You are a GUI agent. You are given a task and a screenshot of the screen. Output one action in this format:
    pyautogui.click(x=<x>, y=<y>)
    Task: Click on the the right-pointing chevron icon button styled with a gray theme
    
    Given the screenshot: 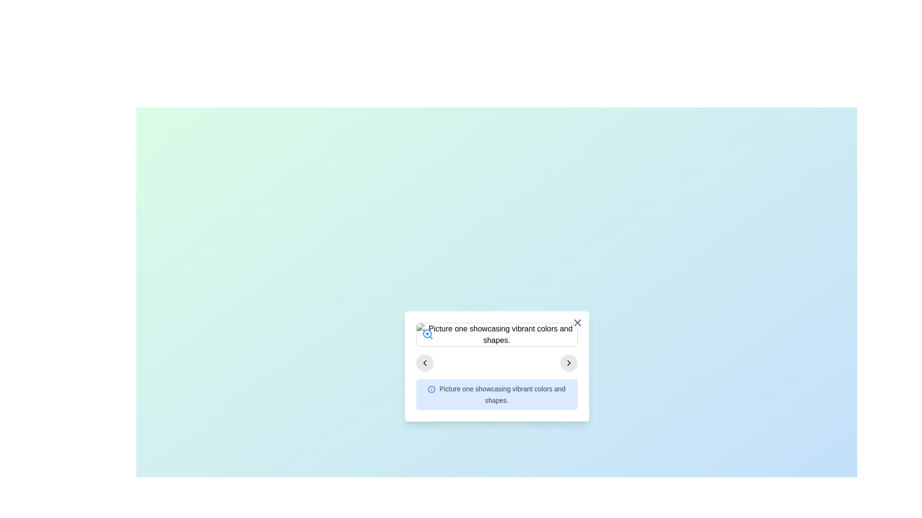 What is the action you would take?
    pyautogui.click(x=569, y=363)
    